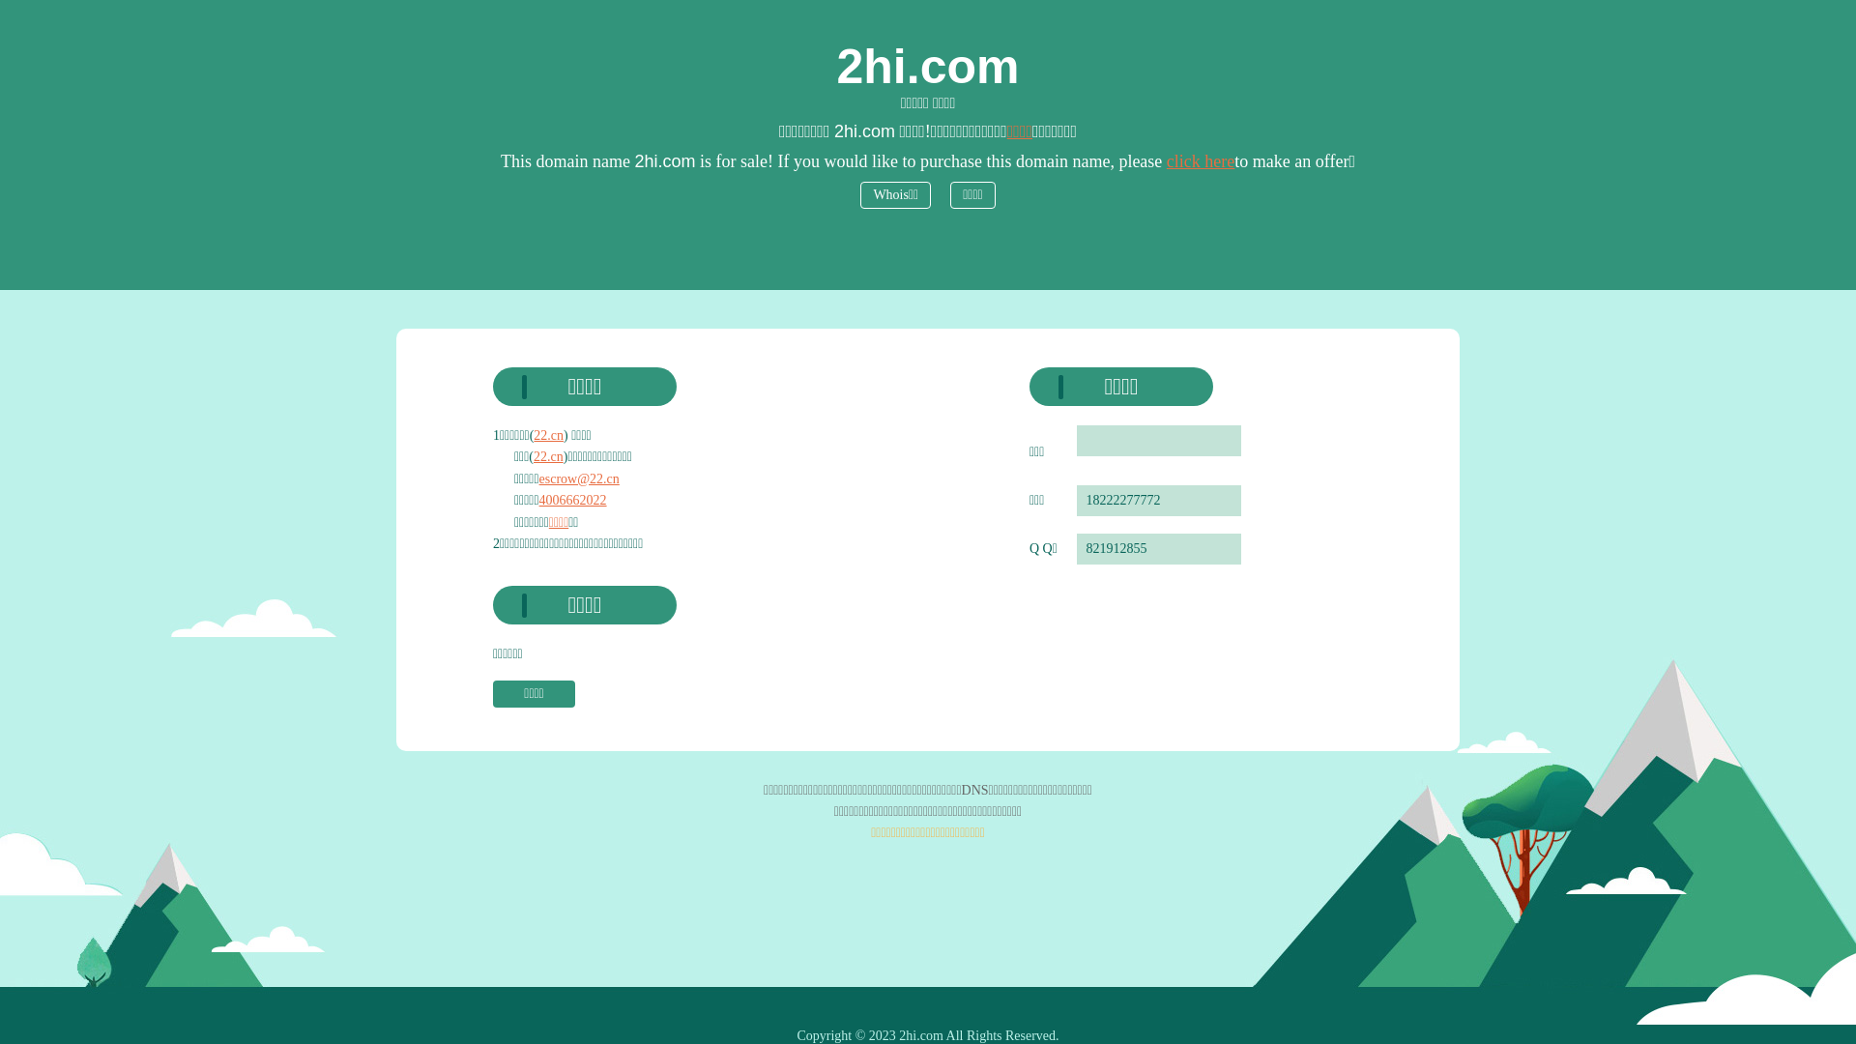  Describe the element at coordinates (534, 456) in the screenshot. I see `'22.cn'` at that location.